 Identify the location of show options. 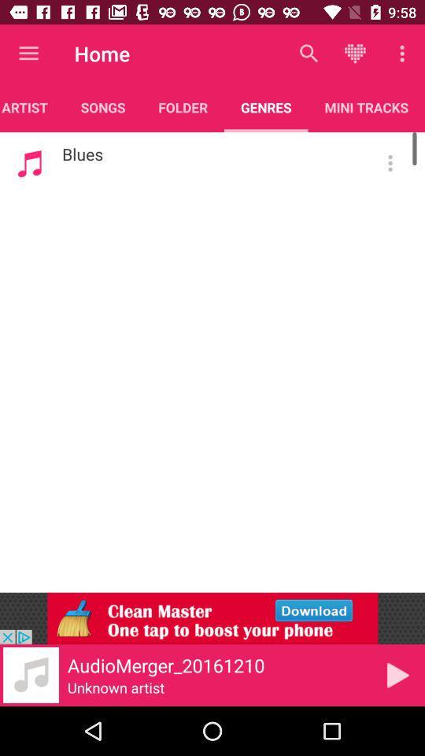
(390, 163).